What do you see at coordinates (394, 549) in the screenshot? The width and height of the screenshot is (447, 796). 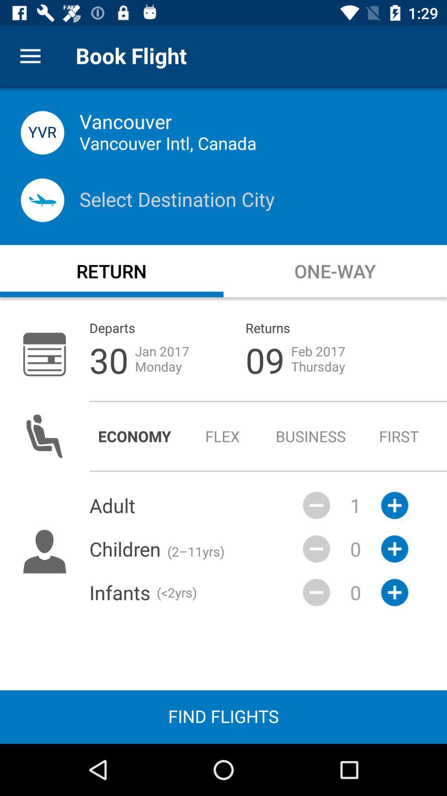 I see `the add icon` at bounding box center [394, 549].